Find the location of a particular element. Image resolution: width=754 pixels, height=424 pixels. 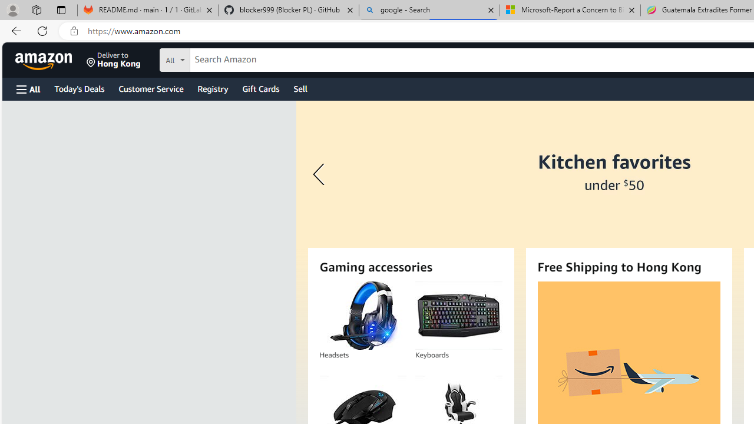

'Open Menu' is located at coordinates (28, 88).